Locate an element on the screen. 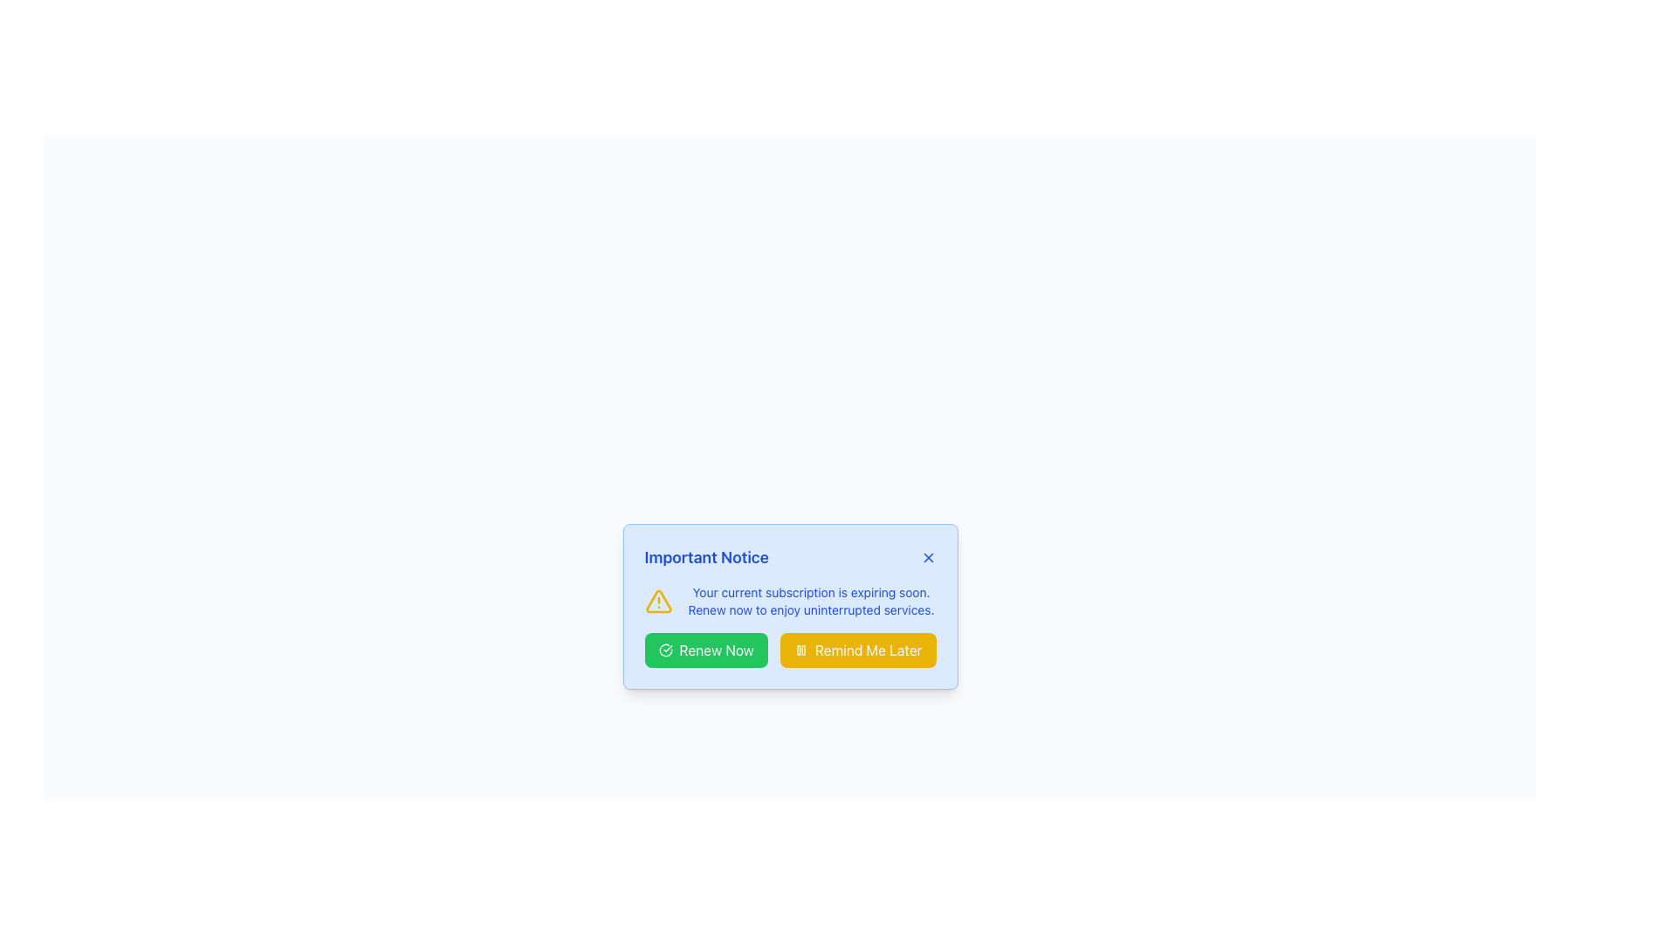 Image resolution: width=1676 pixels, height=943 pixels. the rectangular green button labeled 'Renew Now' with rounded corners is located at coordinates (706, 650).